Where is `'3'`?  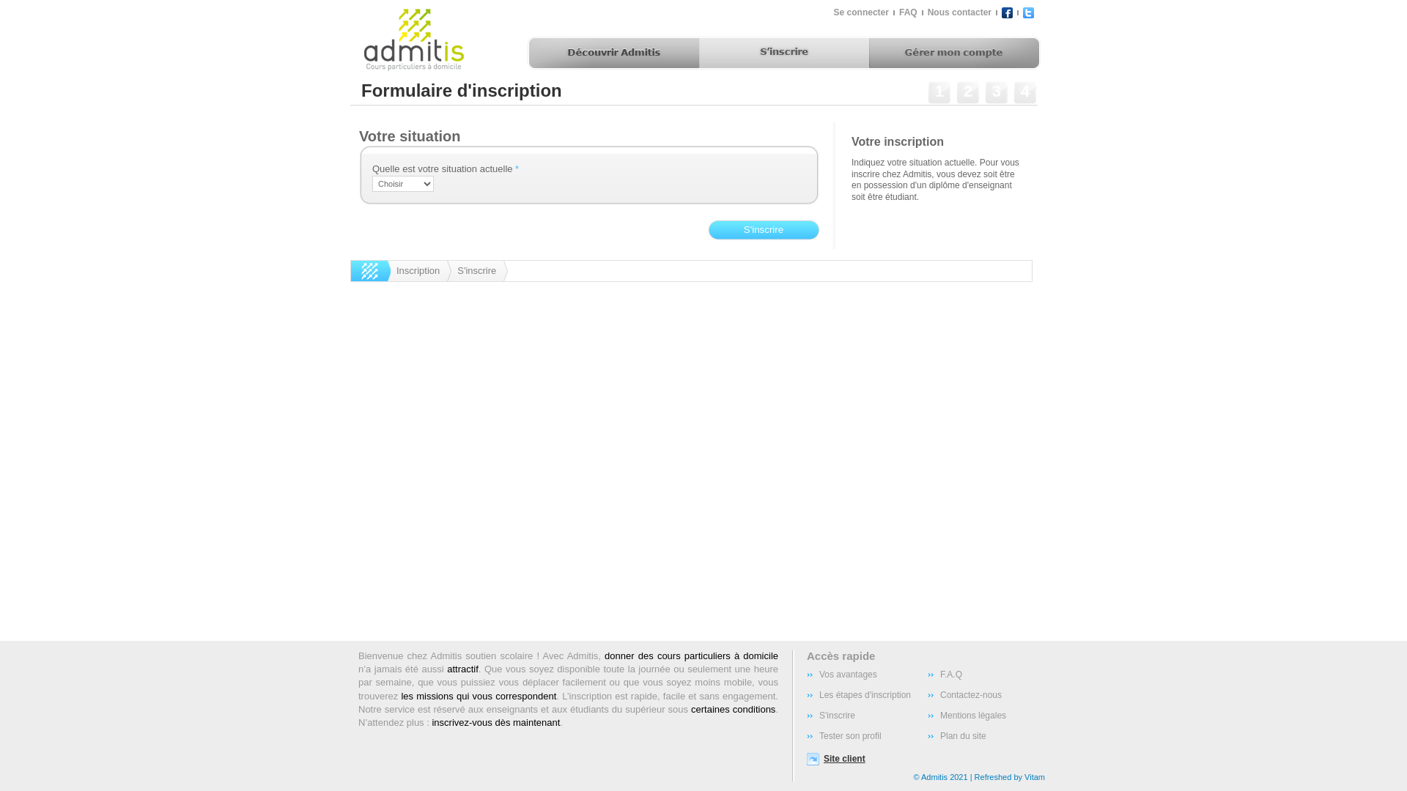
'3' is located at coordinates (996, 93).